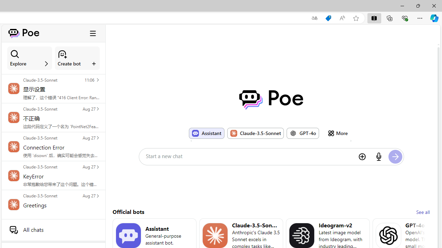 The height and width of the screenshot is (248, 442). What do you see at coordinates (303, 133) in the screenshot?
I see `'Bot image for GPT-4o GPT-4o'` at bounding box center [303, 133].